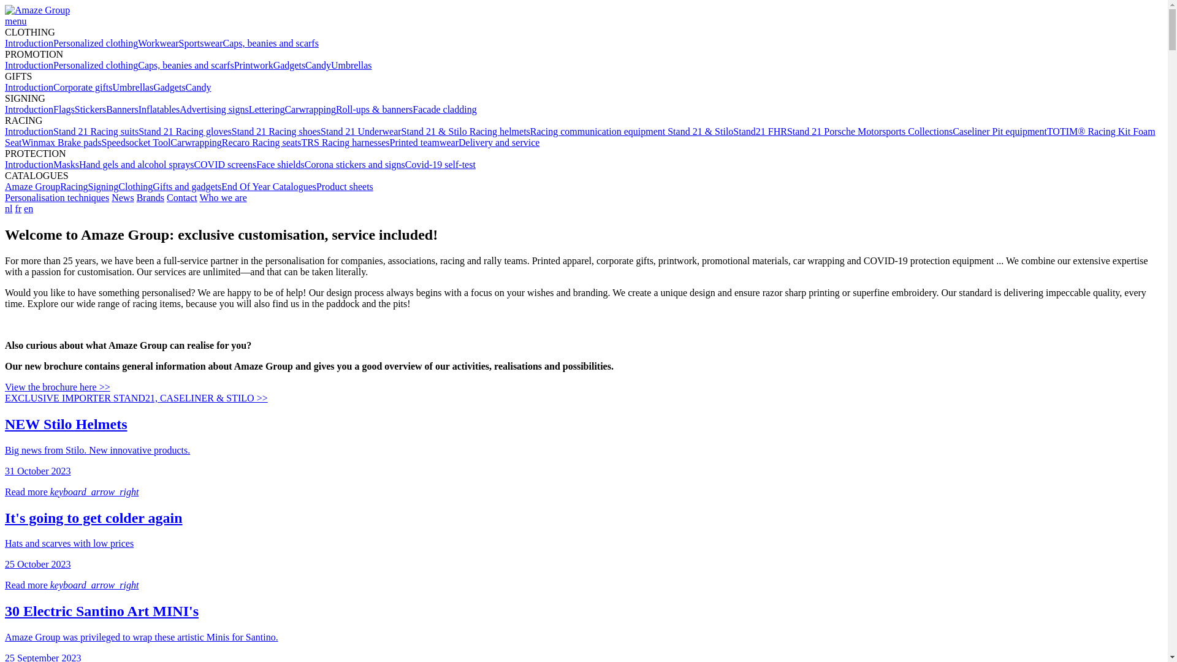 The width and height of the screenshot is (1177, 662). I want to click on 'Sportswear', so click(178, 42).